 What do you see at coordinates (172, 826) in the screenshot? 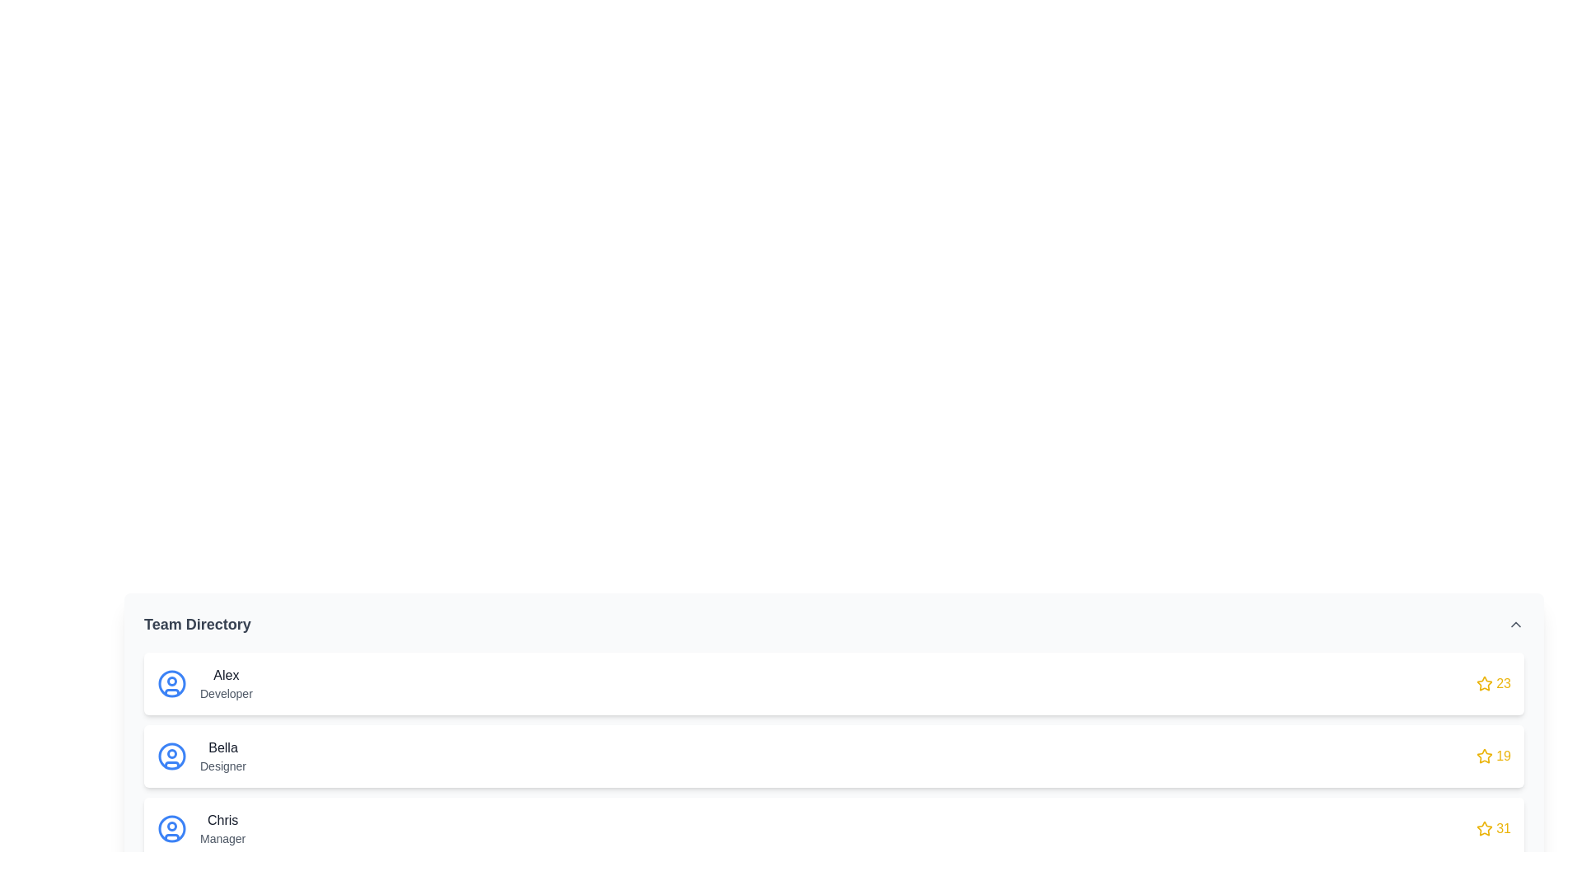
I see `the SVG circle element within the profile icon representing 'Chris'` at bounding box center [172, 826].